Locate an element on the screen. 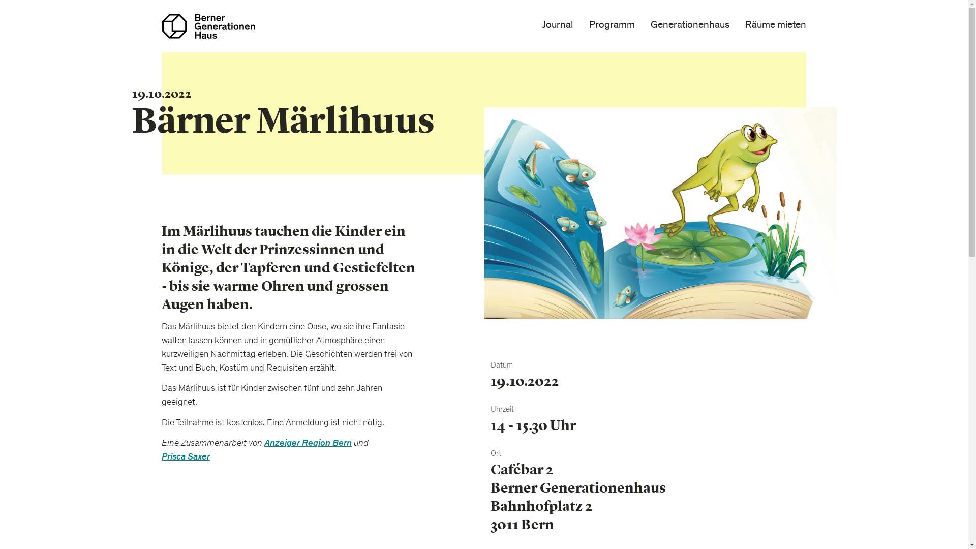 This screenshot has width=976, height=549. 'Journal' is located at coordinates (557, 25).